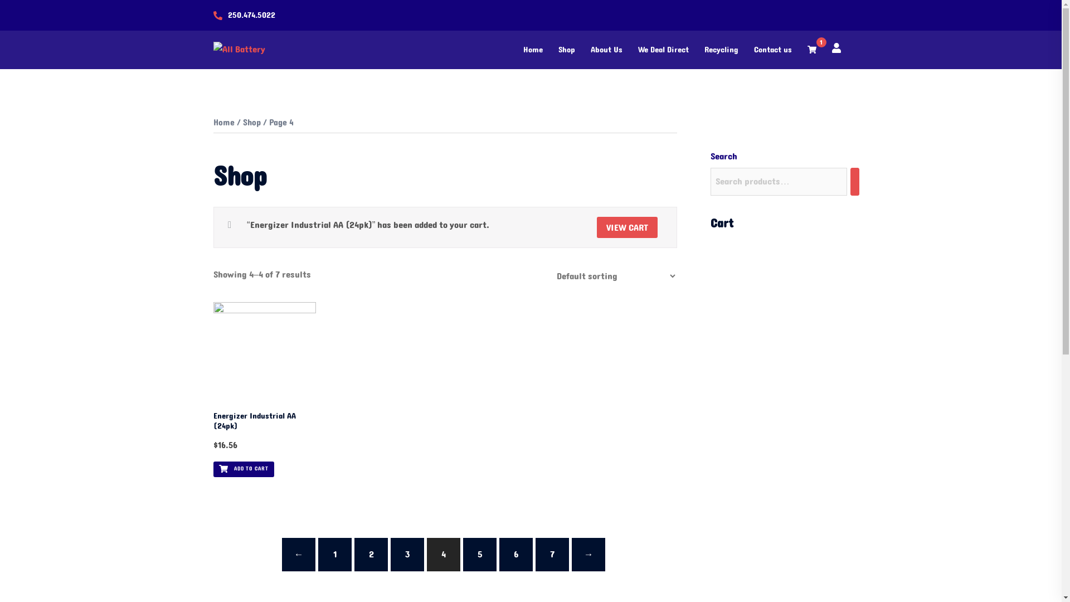  What do you see at coordinates (242, 469) in the screenshot?
I see `'ADD TO CART'` at bounding box center [242, 469].